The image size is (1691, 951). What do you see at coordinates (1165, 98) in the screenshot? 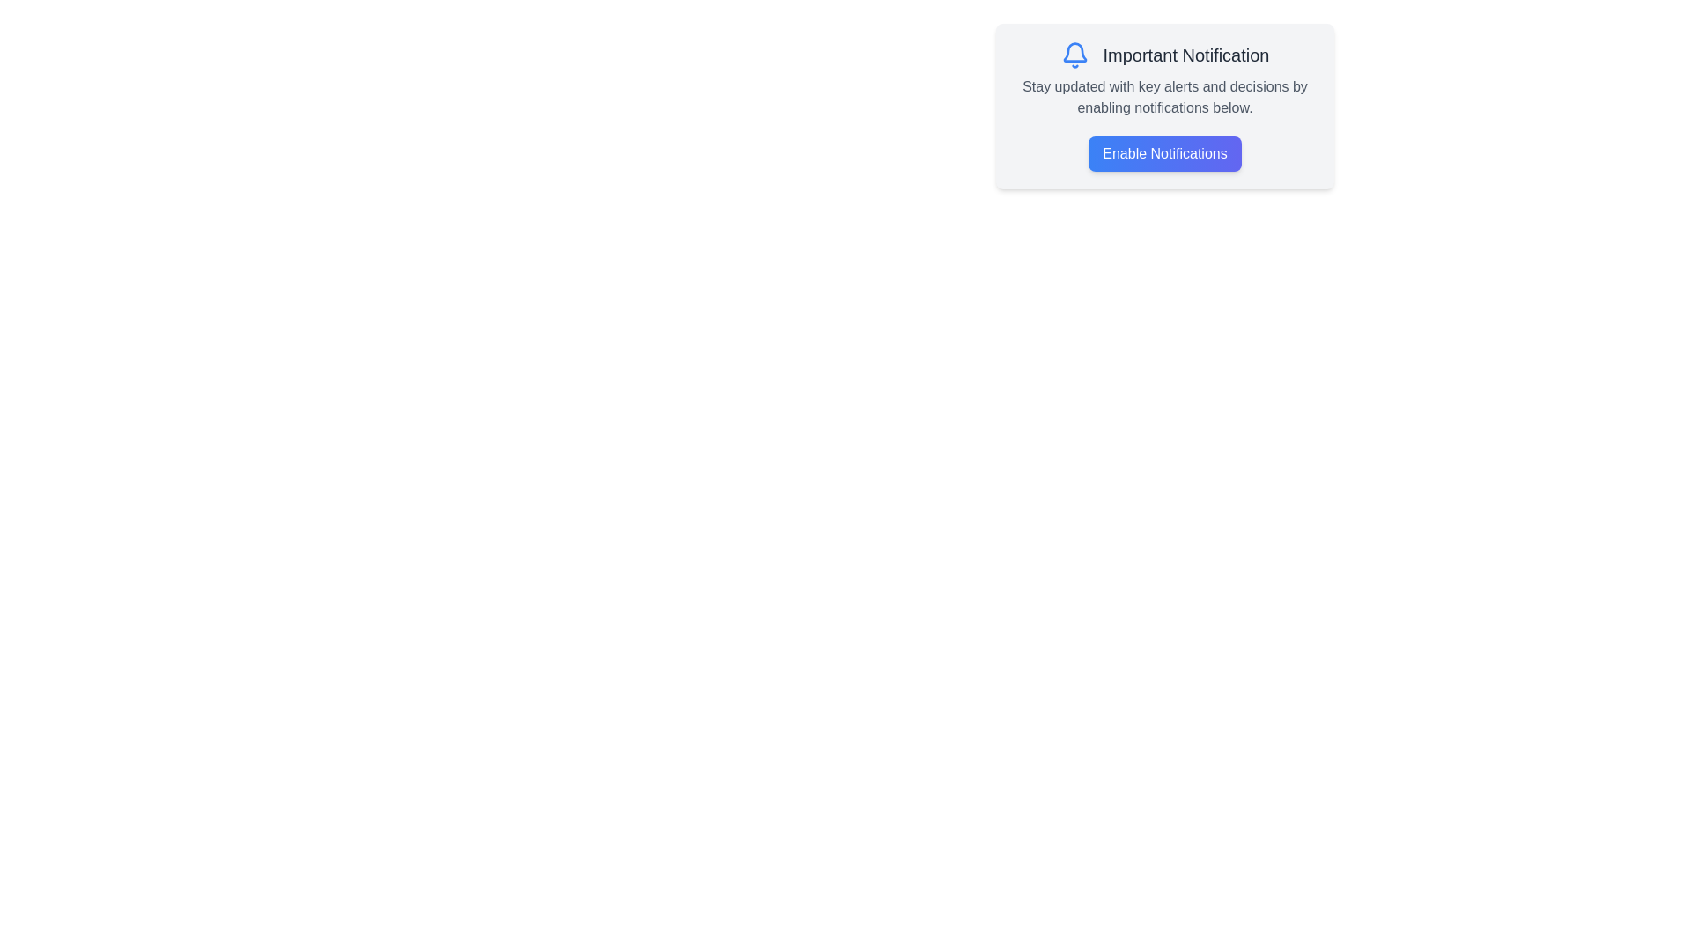
I see `the text content that provides information about the notifications feature, located below the 'Important Notification' title and above the 'Enable Notifications' button` at bounding box center [1165, 98].